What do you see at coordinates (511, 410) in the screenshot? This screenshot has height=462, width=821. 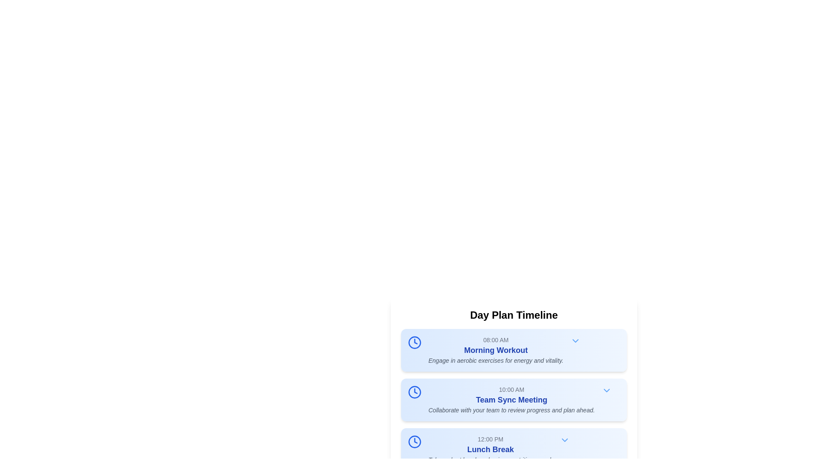 I see `the Text label that provides a brief explanatory description or additional context regarding the 'Team Sync Meeting' event, located in the 'Day Plan Timeline' section under the 'Team Sync Meeting' block` at bounding box center [511, 410].